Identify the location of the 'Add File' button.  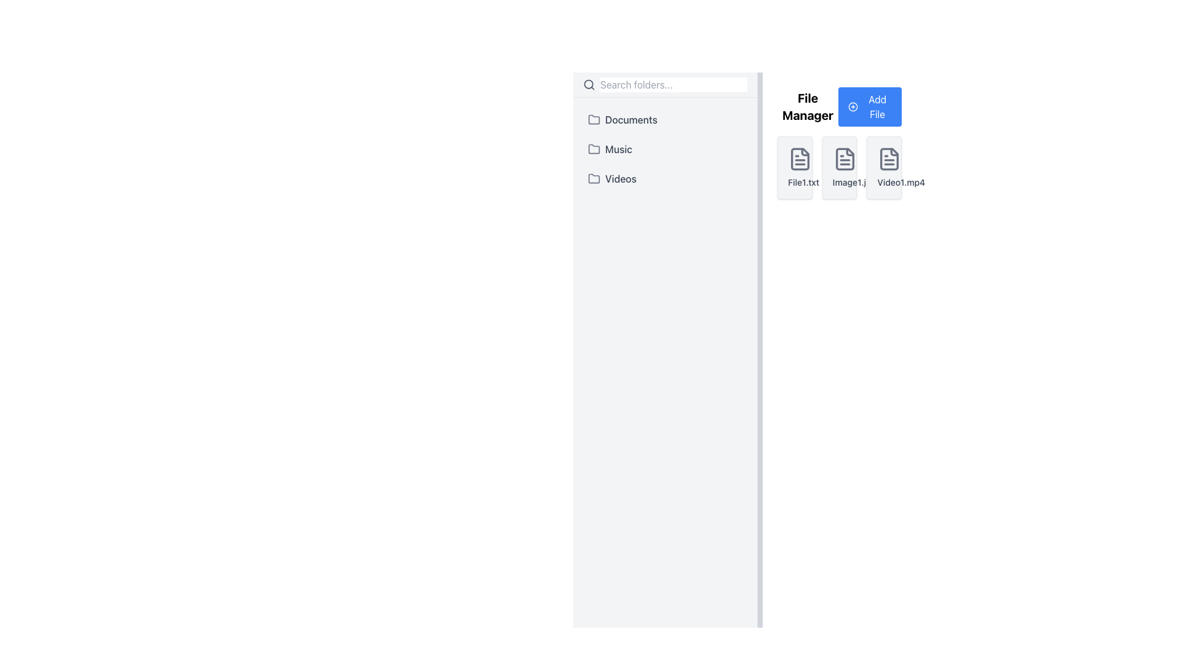
(869, 106).